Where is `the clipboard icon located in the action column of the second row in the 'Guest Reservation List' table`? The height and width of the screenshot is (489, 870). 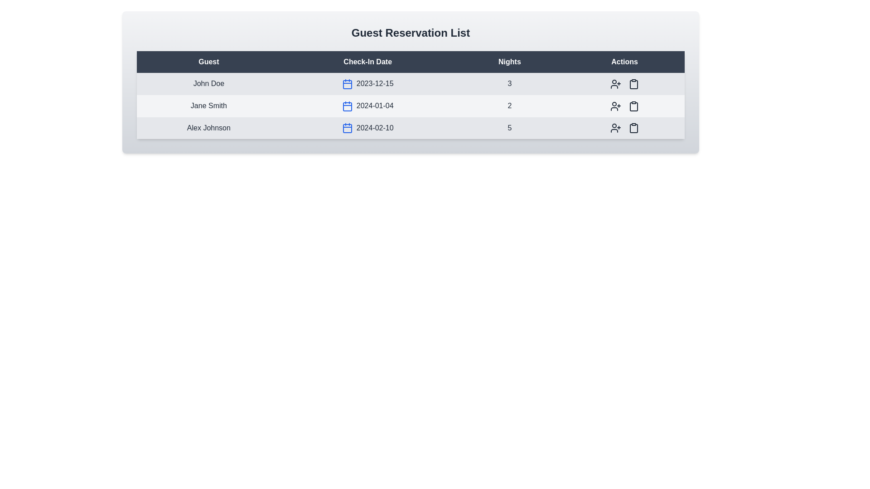 the clipboard icon located in the action column of the second row in the 'Guest Reservation List' table is located at coordinates (633, 106).